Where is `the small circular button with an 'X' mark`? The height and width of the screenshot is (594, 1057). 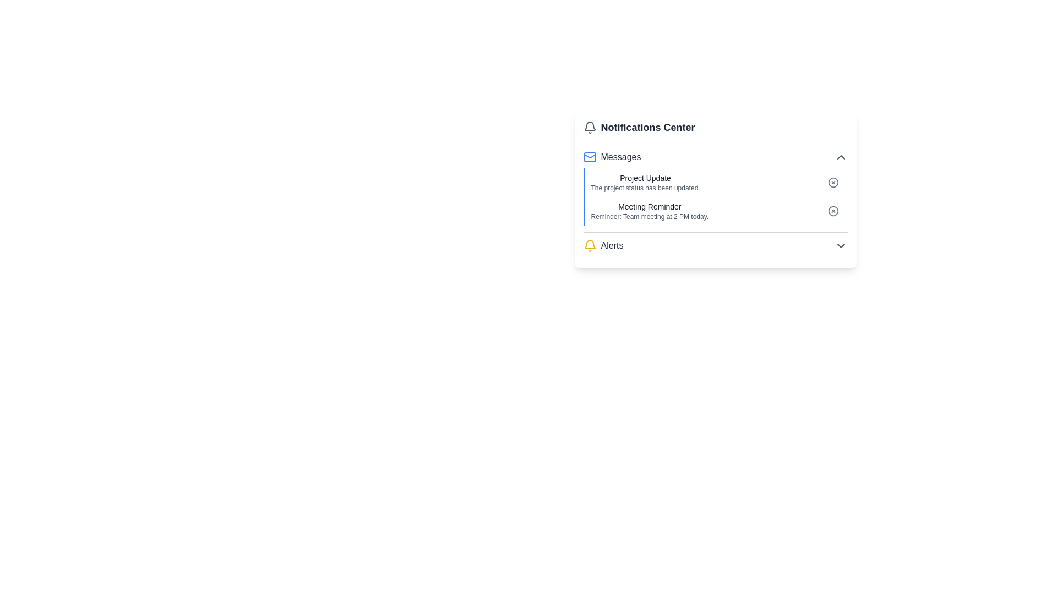
the small circular button with an 'X' mark is located at coordinates (833, 182).